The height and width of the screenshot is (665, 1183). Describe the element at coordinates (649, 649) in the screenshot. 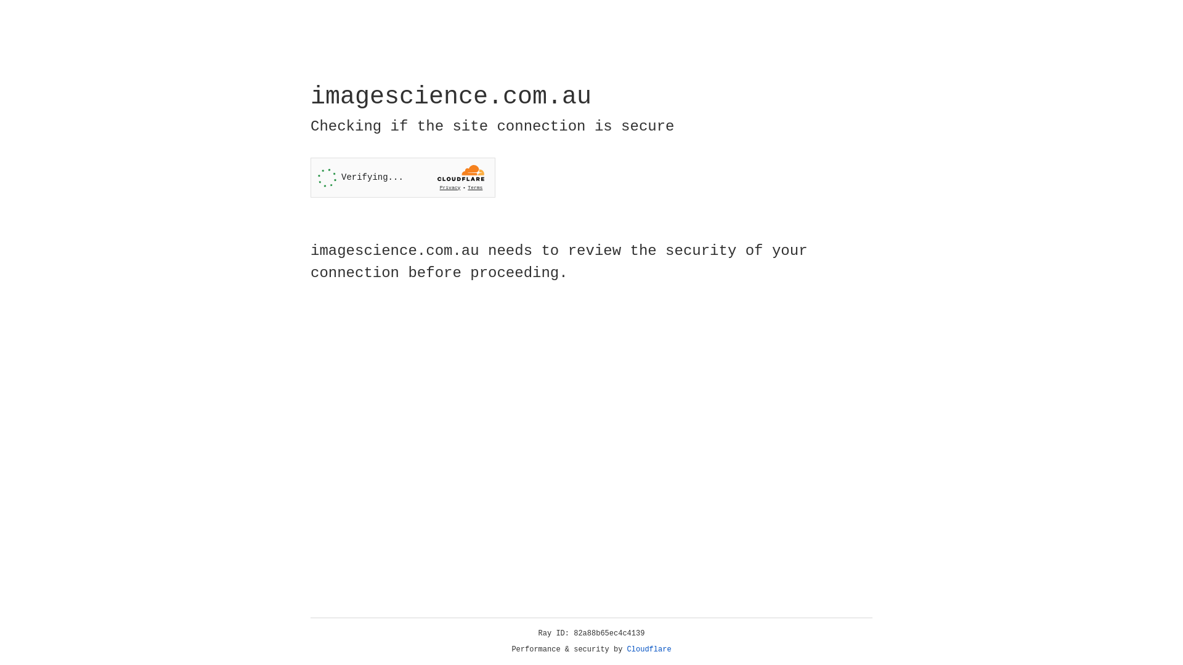

I see `'Cloudflare'` at that location.